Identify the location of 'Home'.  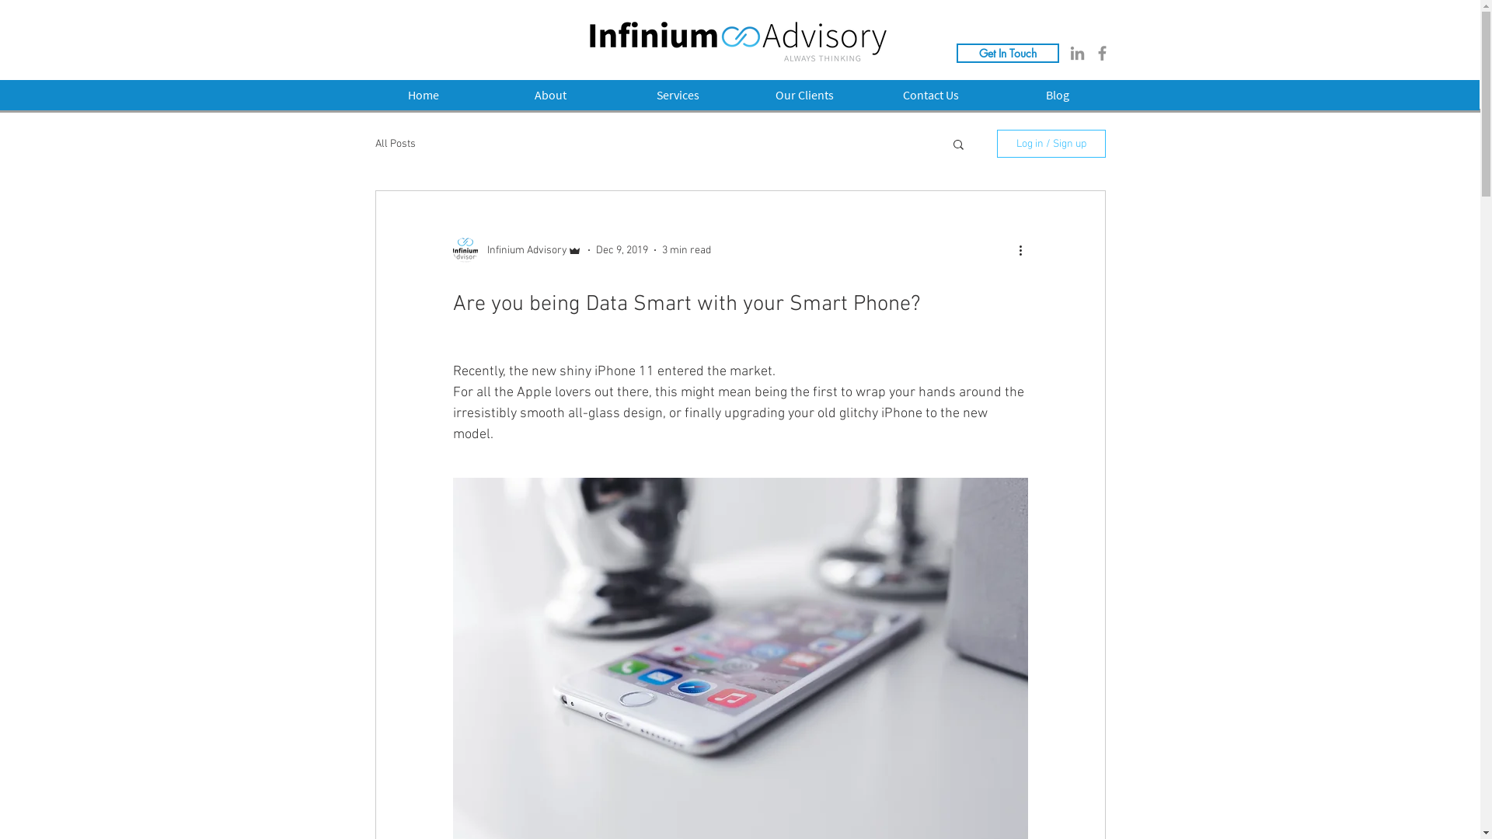
(422, 95).